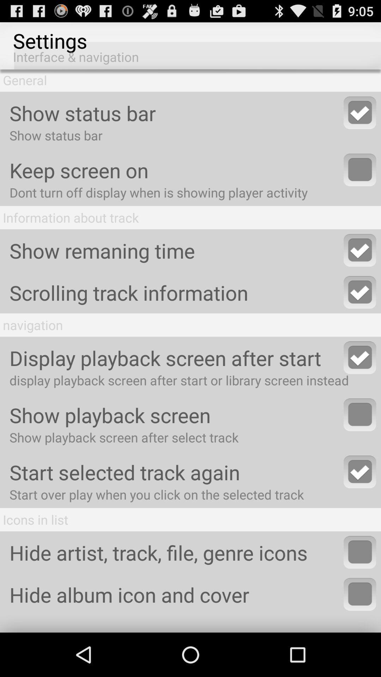 The width and height of the screenshot is (381, 677). What do you see at coordinates (360, 112) in the screenshot?
I see `deselect option` at bounding box center [360, 112].